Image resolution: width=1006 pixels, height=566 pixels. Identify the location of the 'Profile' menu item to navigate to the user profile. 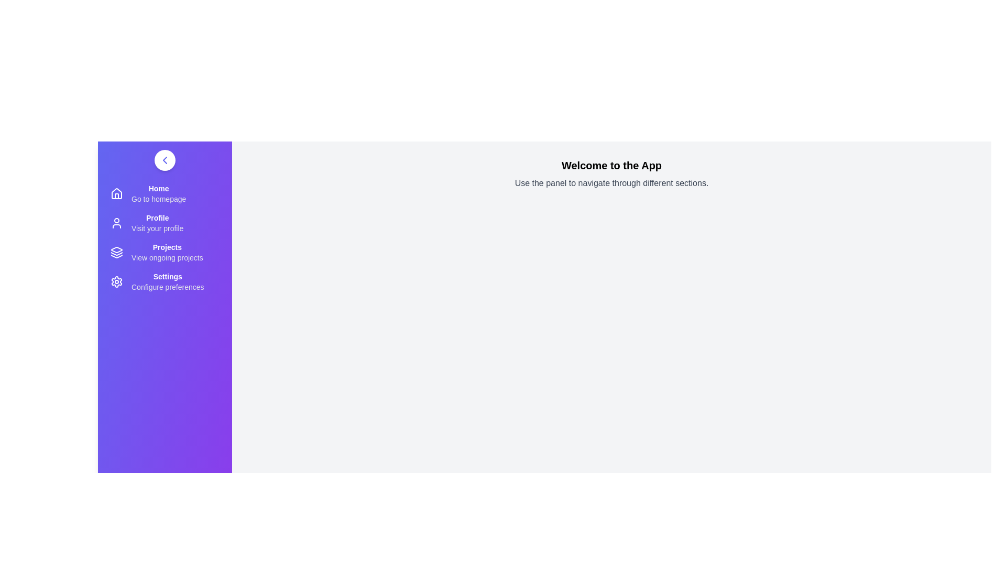
(165, 222).